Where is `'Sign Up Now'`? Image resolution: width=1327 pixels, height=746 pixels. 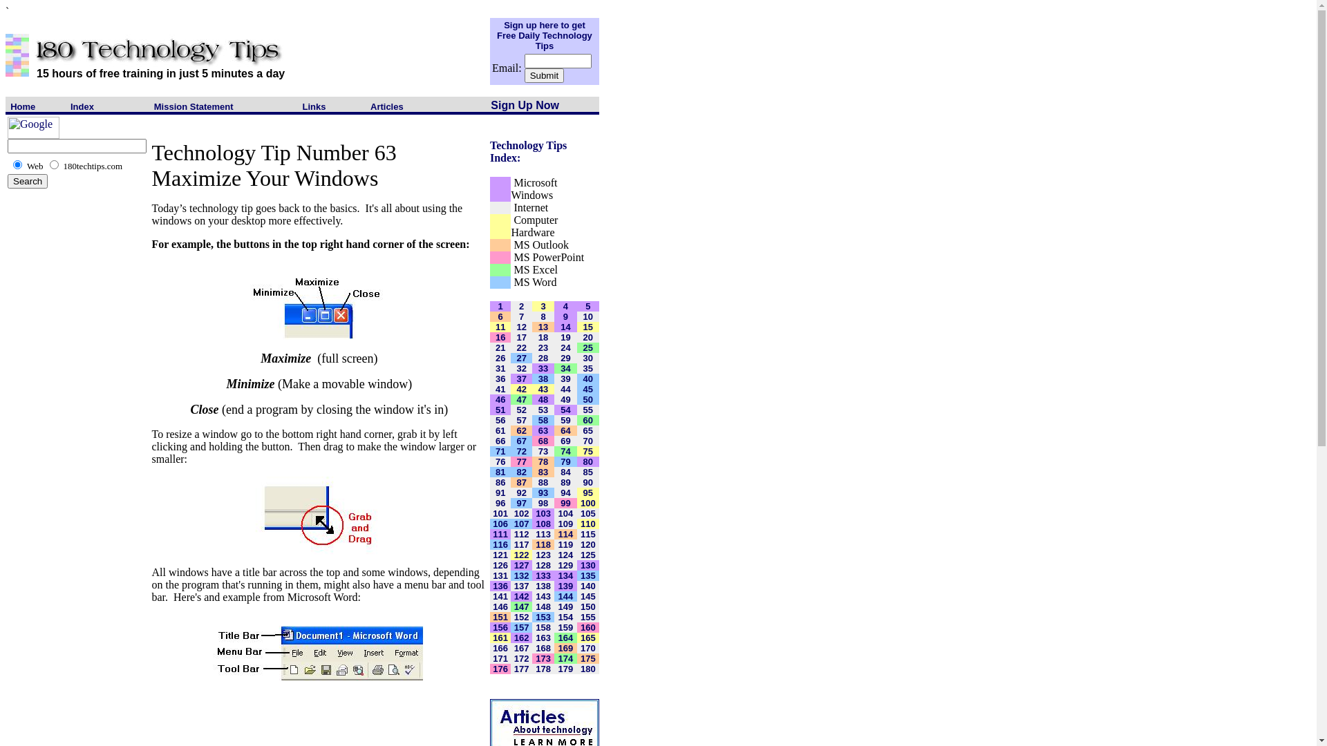
'Sign Up Now' is located at coordinates (491, 104).